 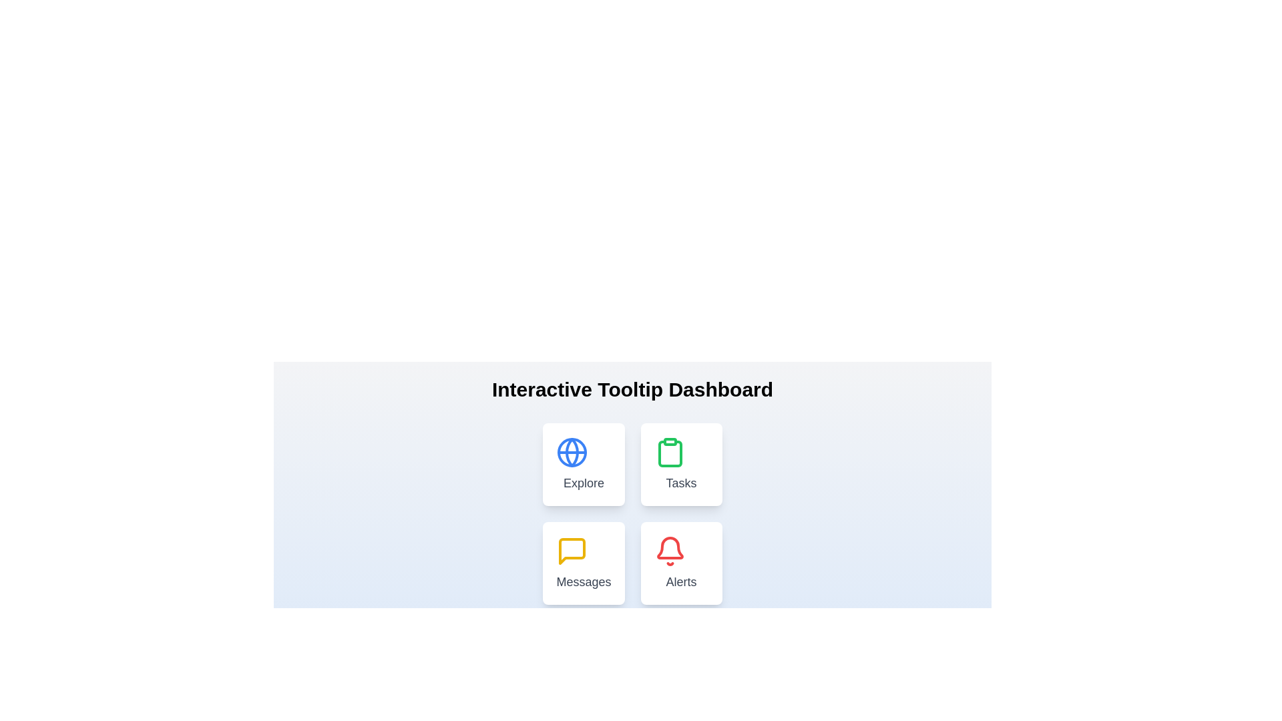 What do you see at coordinates (670, 442) in the screenshot?
I see `the decorative rectangle or indicator within the 'Tasks' icon to trigger related icon interactions` at bounding box center [670, 442].